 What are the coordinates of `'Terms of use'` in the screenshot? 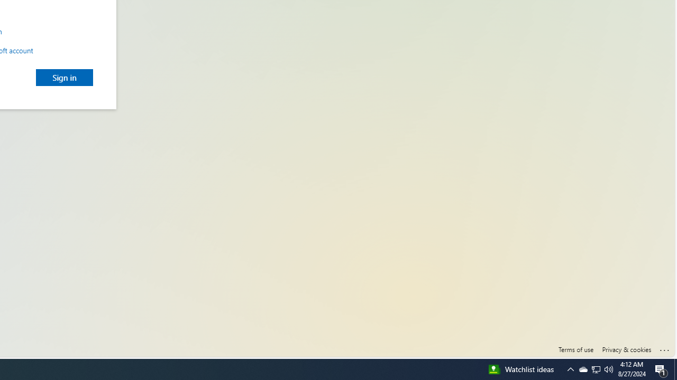 It's located at (575, 349).